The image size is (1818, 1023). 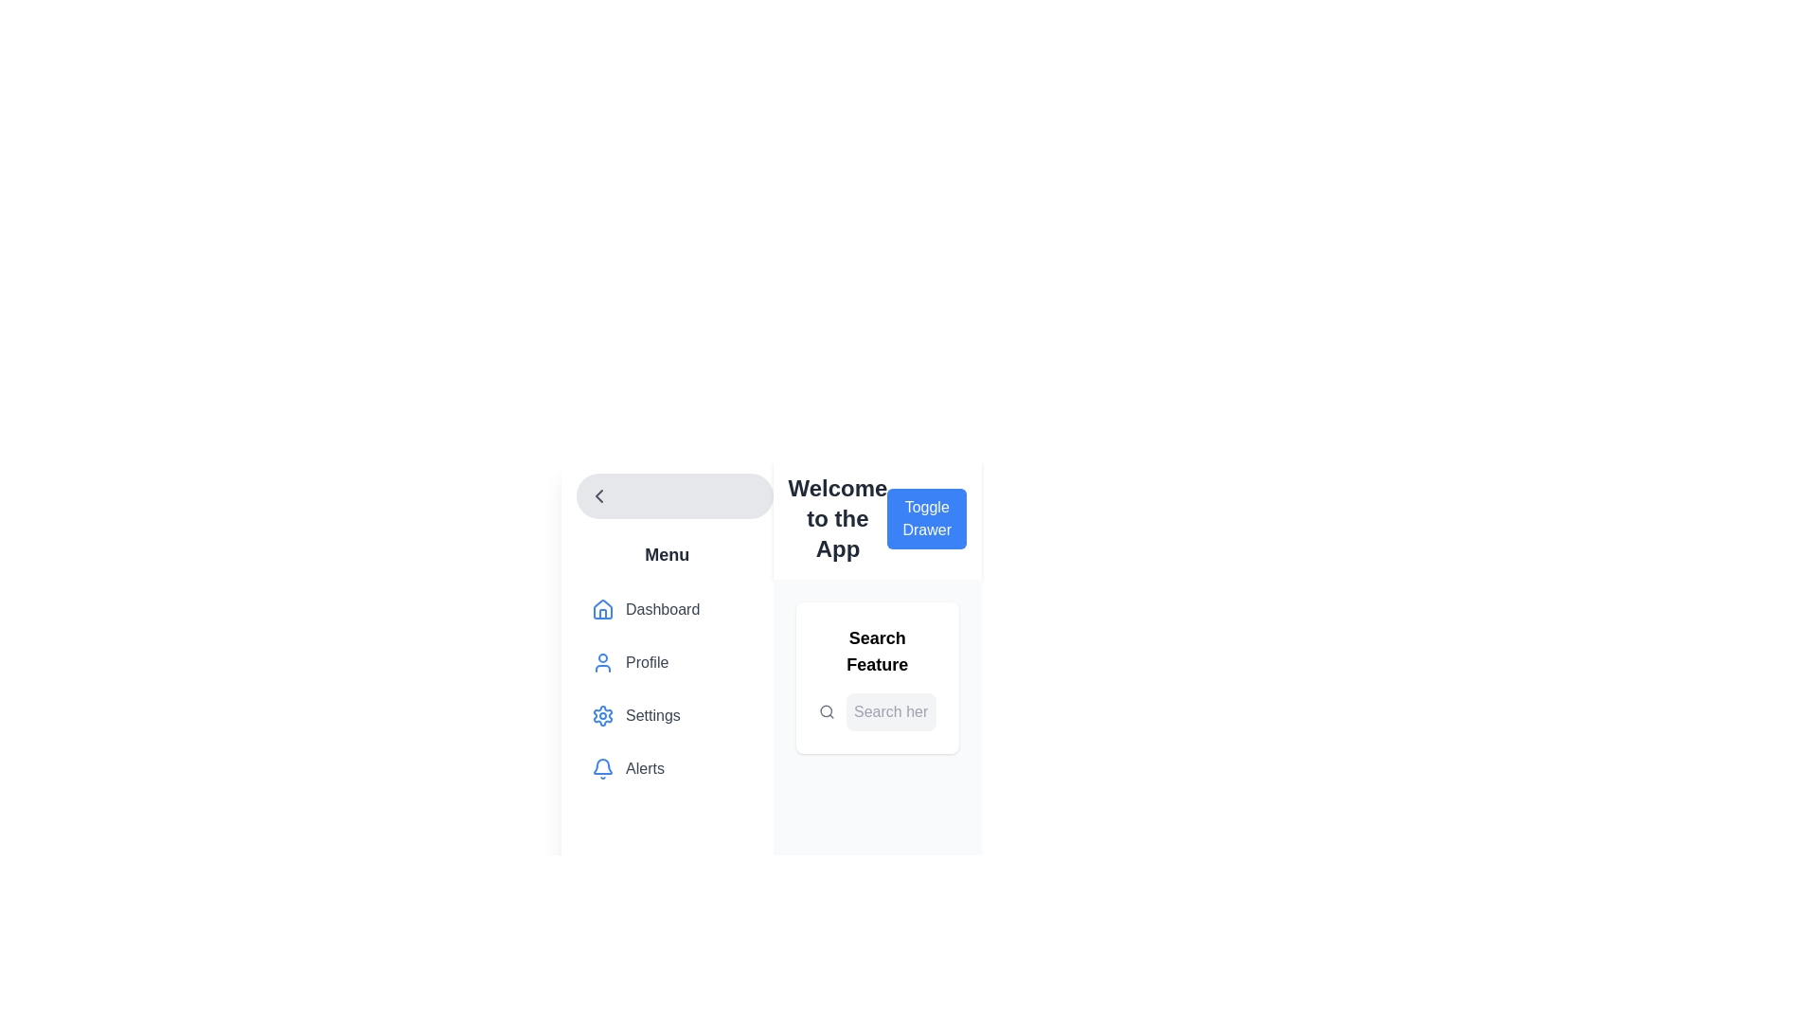 What do you see at coordinates (652, 716) in the screenshot?
I see `the 'Settings' text label in grey color, which is part of a vertical menu on the left side` at bounding box center [652, 716].